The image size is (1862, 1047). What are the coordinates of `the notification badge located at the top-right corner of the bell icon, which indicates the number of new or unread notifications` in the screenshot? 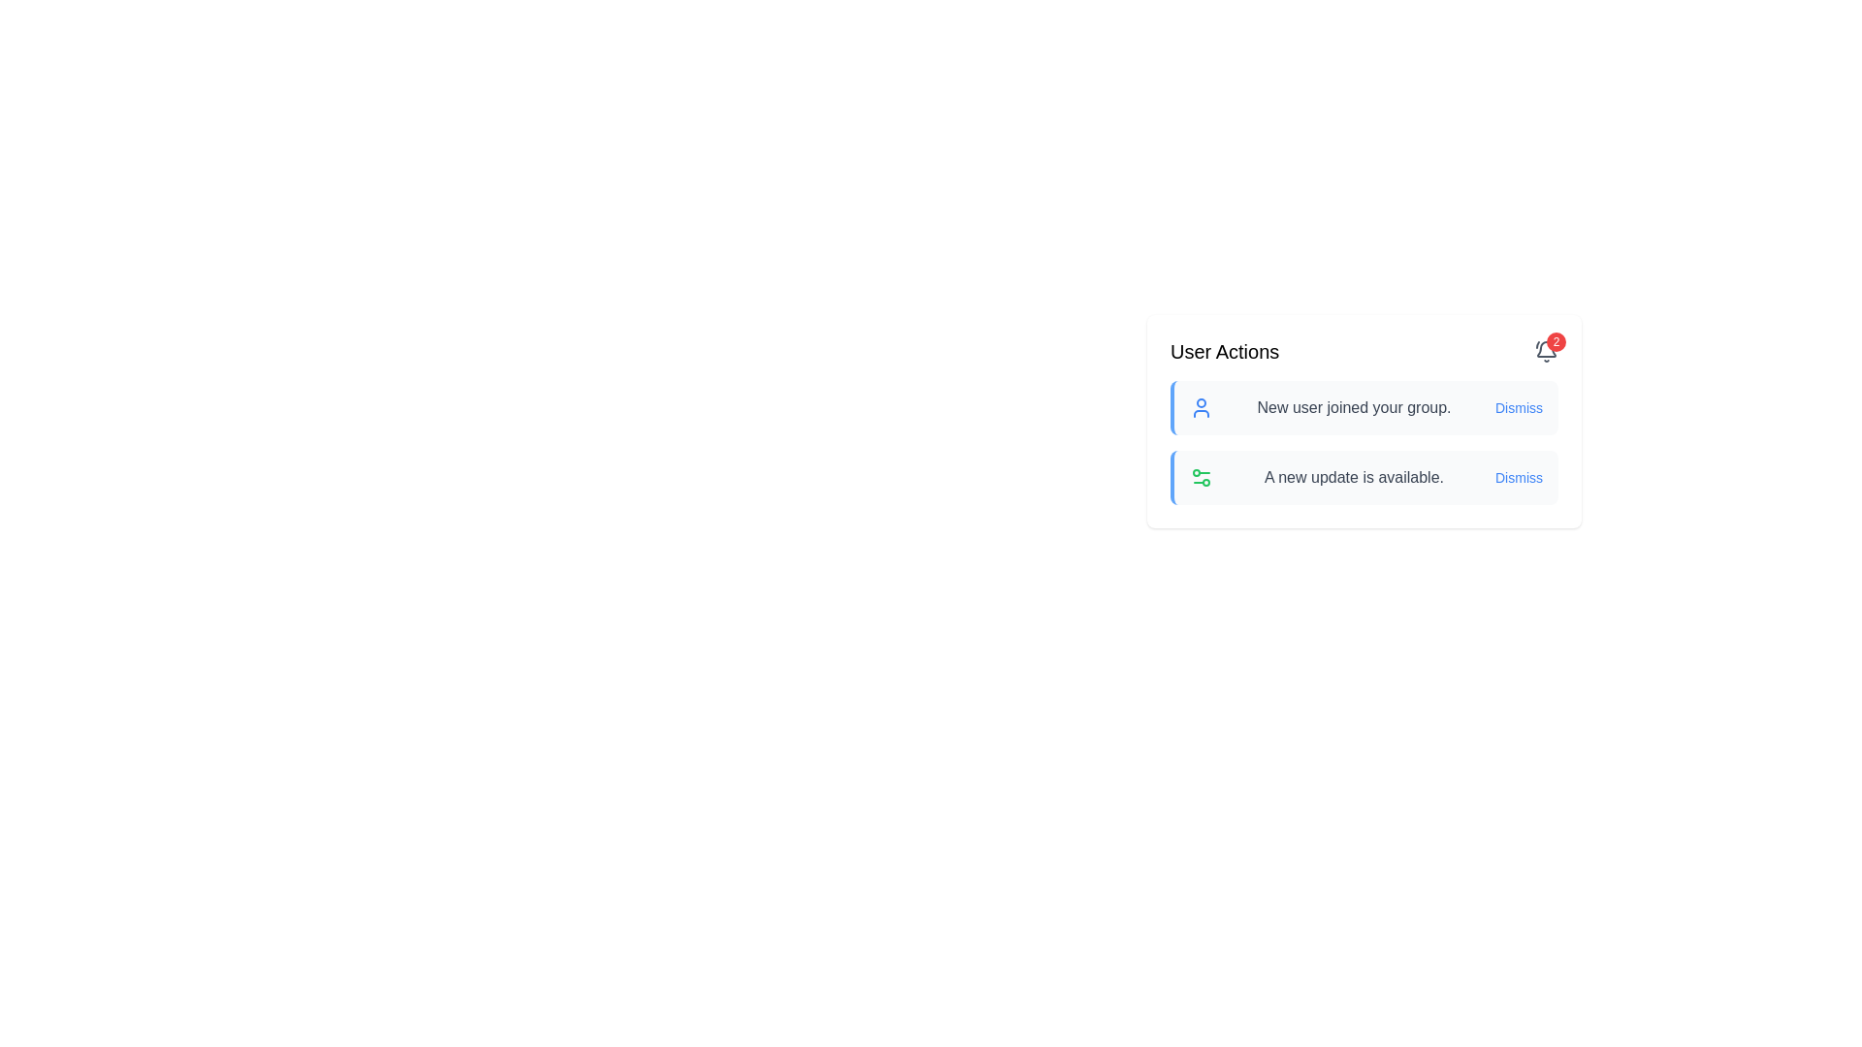 It's located at (1556, 341).